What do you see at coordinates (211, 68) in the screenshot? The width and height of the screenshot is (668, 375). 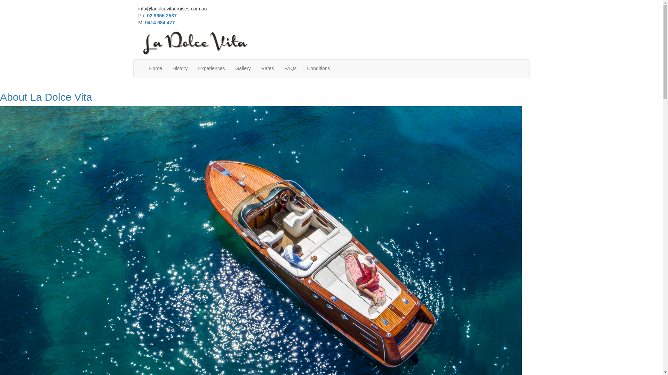 I see `'Experiences'` at bounding box center [211, 68].